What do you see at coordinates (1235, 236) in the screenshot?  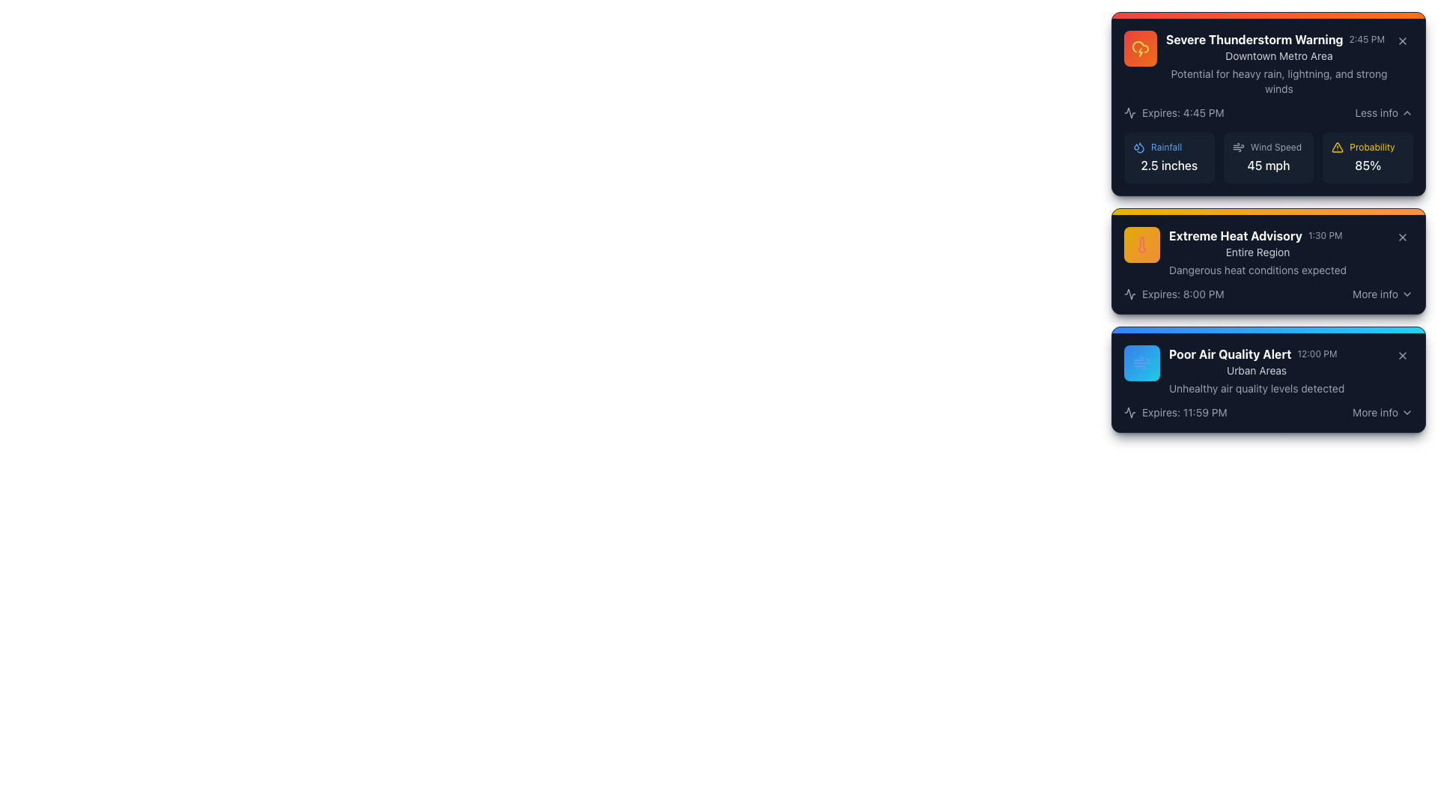 I see `the text label that displays 'Extreme Heat Advisory' within the second notification card about extreme heat` at bounding box center [1235, 236].